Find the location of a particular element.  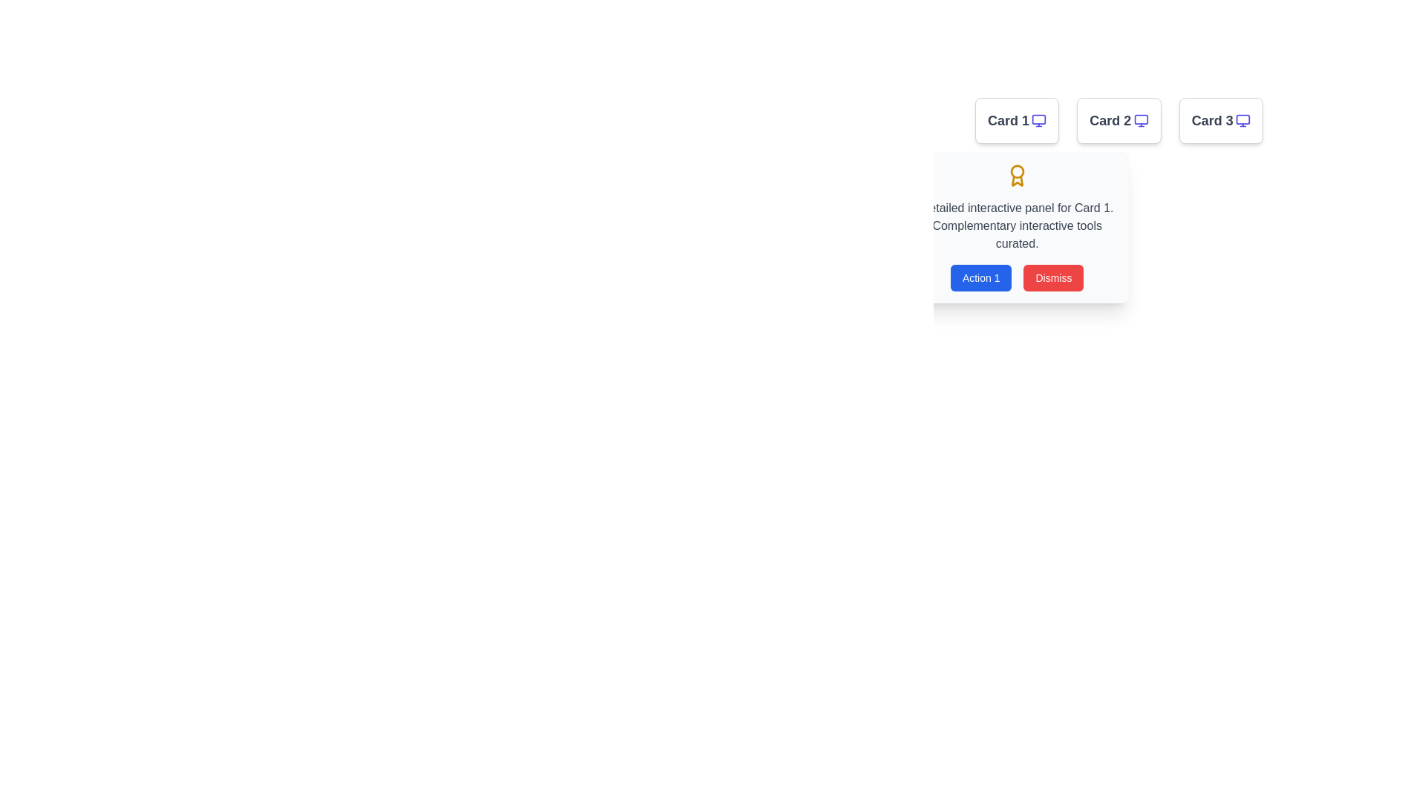

the blue rectangular button labeled 'Action 1' to observe its hover effect is located at coordinates (981, 277).